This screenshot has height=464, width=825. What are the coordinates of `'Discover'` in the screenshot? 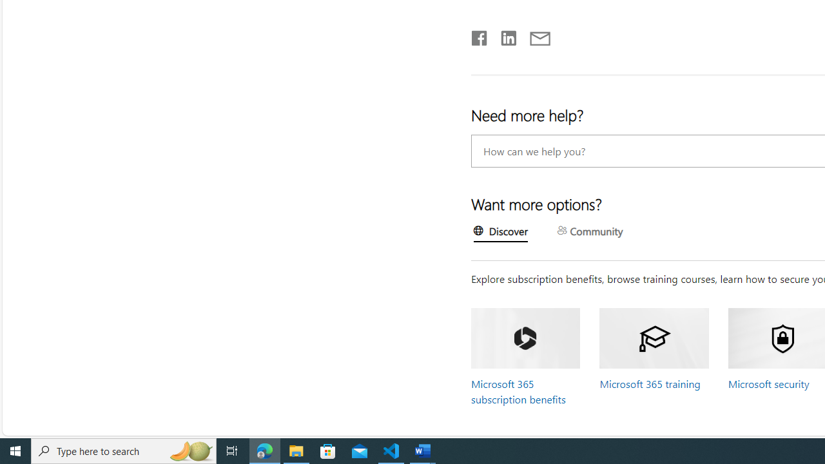 It's located at (500, 233).